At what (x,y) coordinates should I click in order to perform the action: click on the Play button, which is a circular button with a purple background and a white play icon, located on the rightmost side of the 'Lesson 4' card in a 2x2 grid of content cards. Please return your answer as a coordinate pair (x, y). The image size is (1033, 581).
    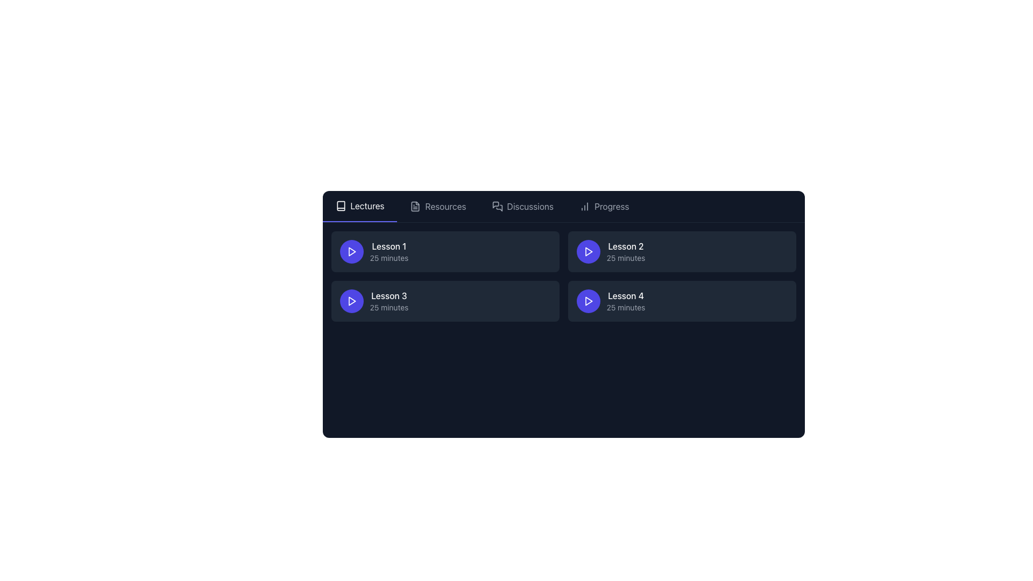
    Looking at the image, I should click on (588, 301).